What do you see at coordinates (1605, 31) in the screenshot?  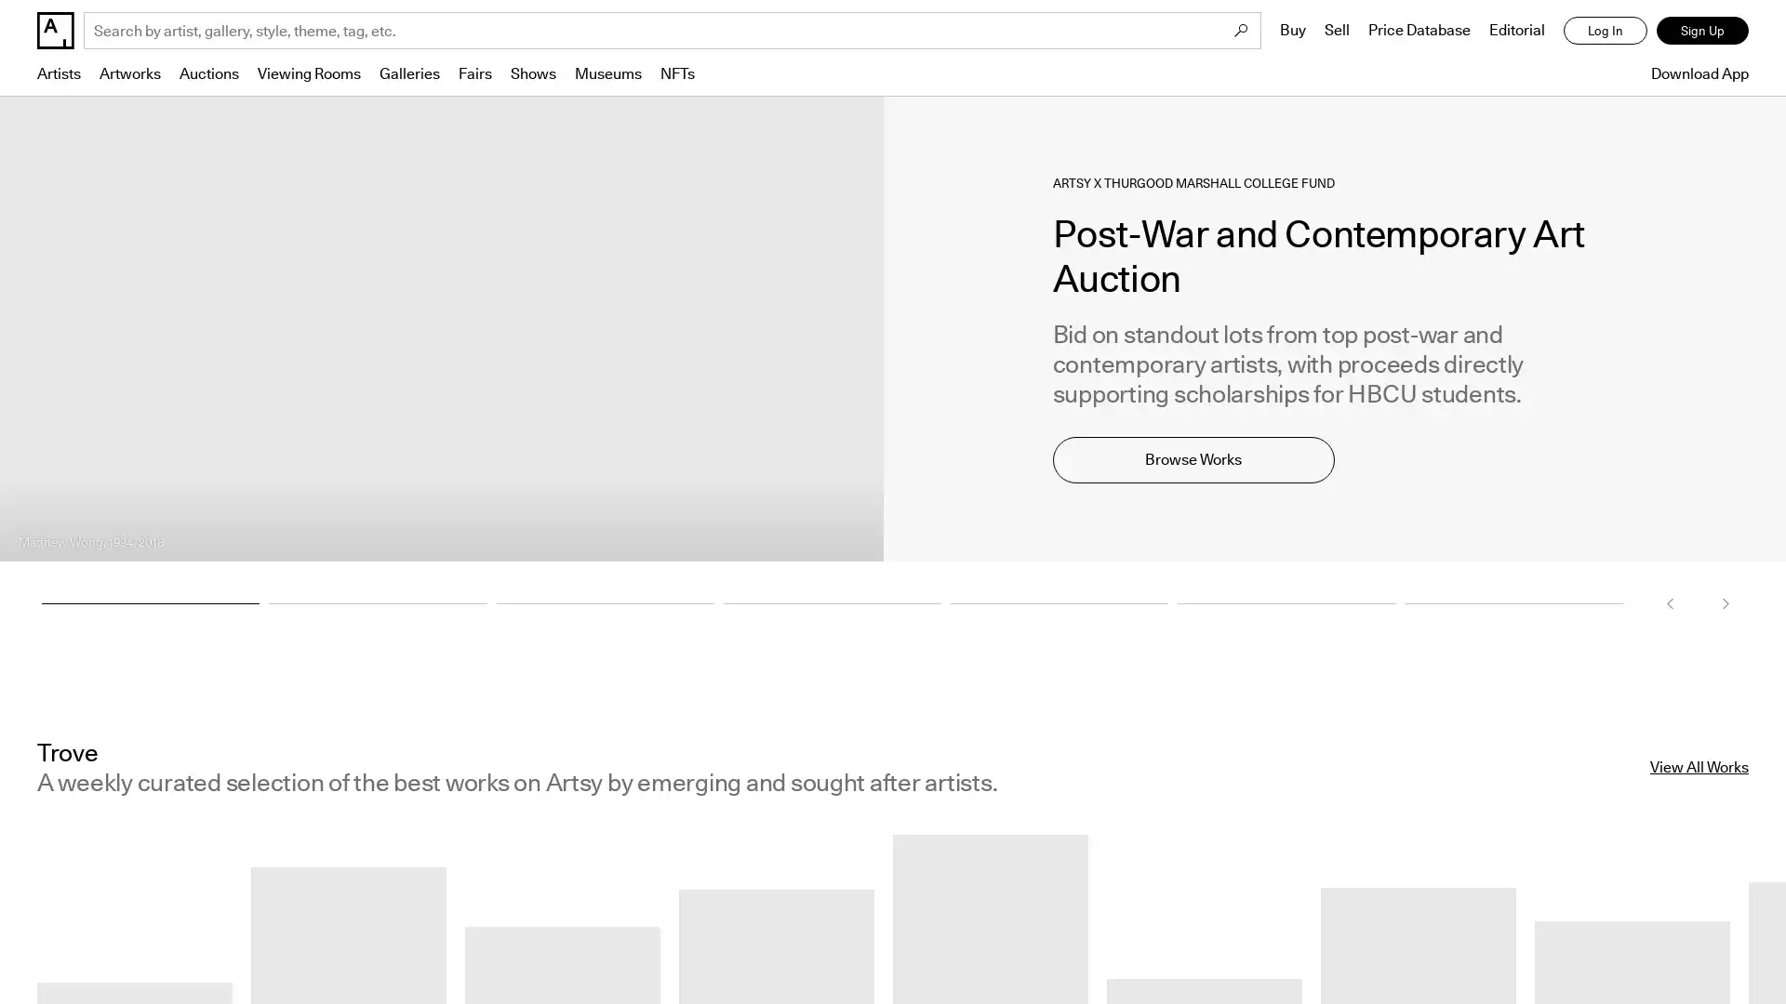 I see `Log In` at bounding box center [1605, 31].